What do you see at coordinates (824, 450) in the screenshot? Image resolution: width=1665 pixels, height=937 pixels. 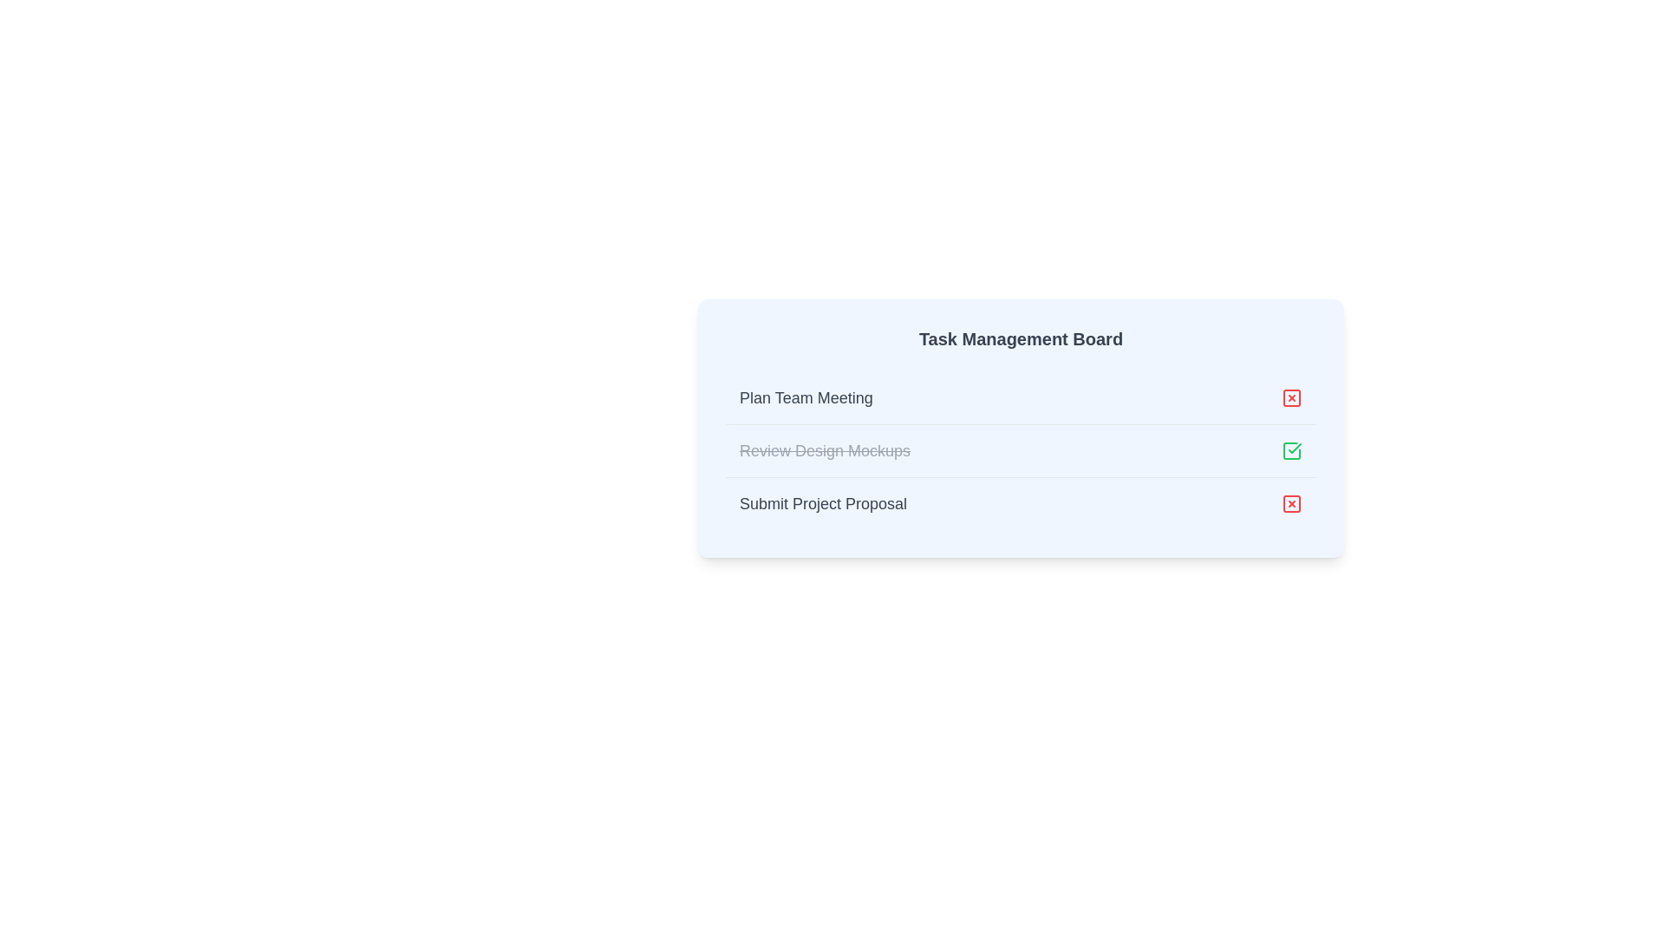 I see `the text 'Review Design Mockups' which is styled with a strike-through and light gray color, indicating it is marked as completed or inactive, located in the Task Management Board list` at bounding box center [824, 450].